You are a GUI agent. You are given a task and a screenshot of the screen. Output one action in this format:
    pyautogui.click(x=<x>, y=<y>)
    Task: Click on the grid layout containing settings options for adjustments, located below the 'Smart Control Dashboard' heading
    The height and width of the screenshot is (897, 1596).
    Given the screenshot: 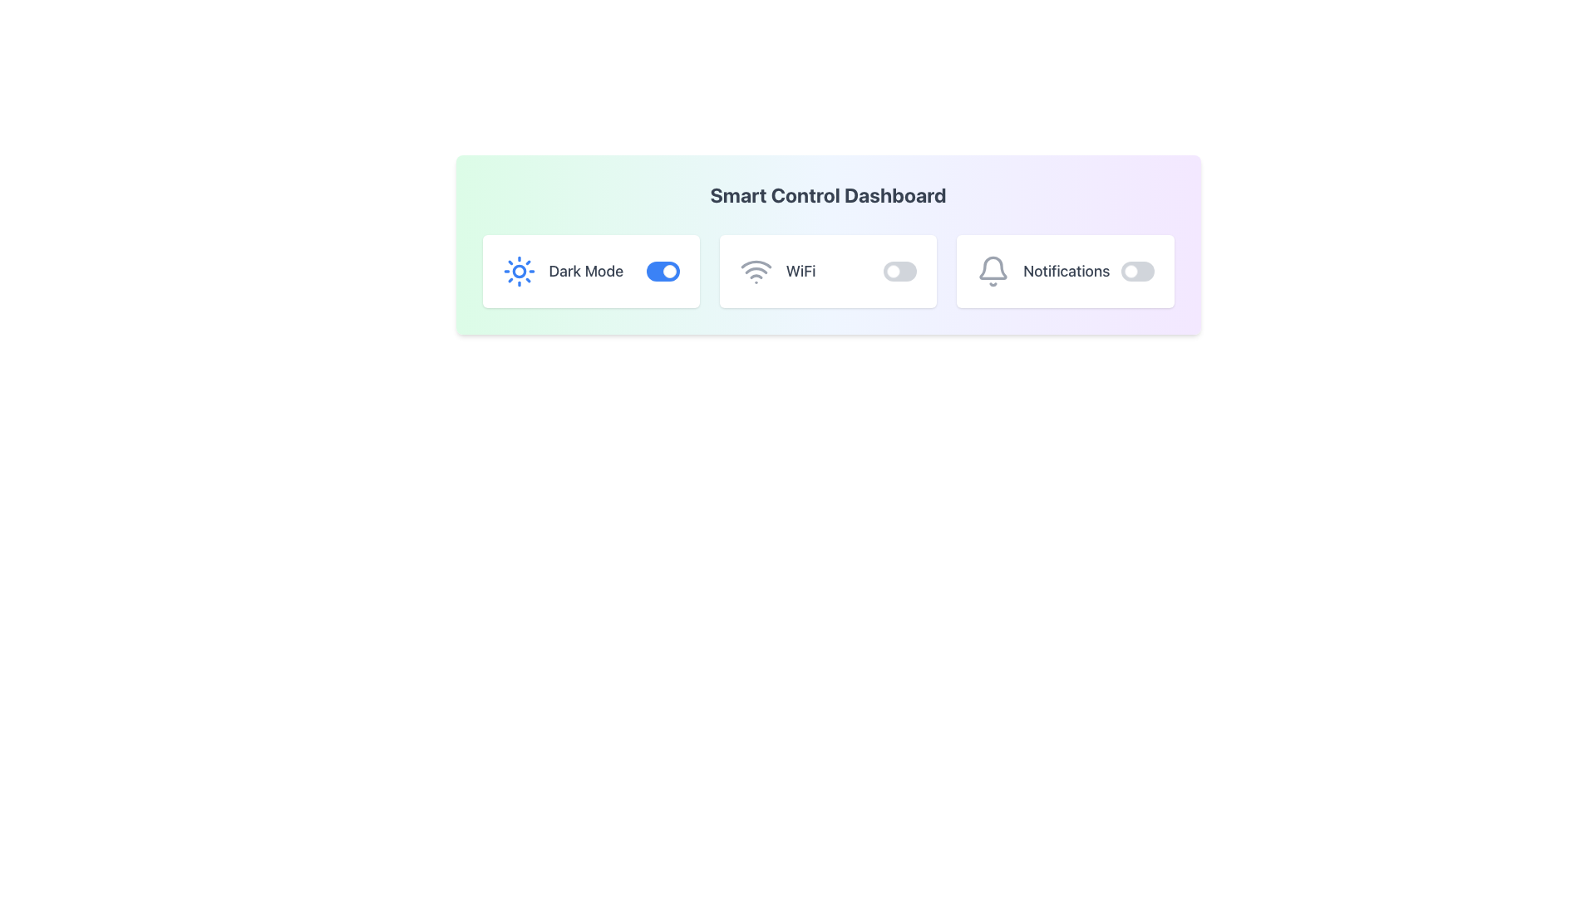 What is the action you would take?
    pyautogui.click(x=828, y=271)
    